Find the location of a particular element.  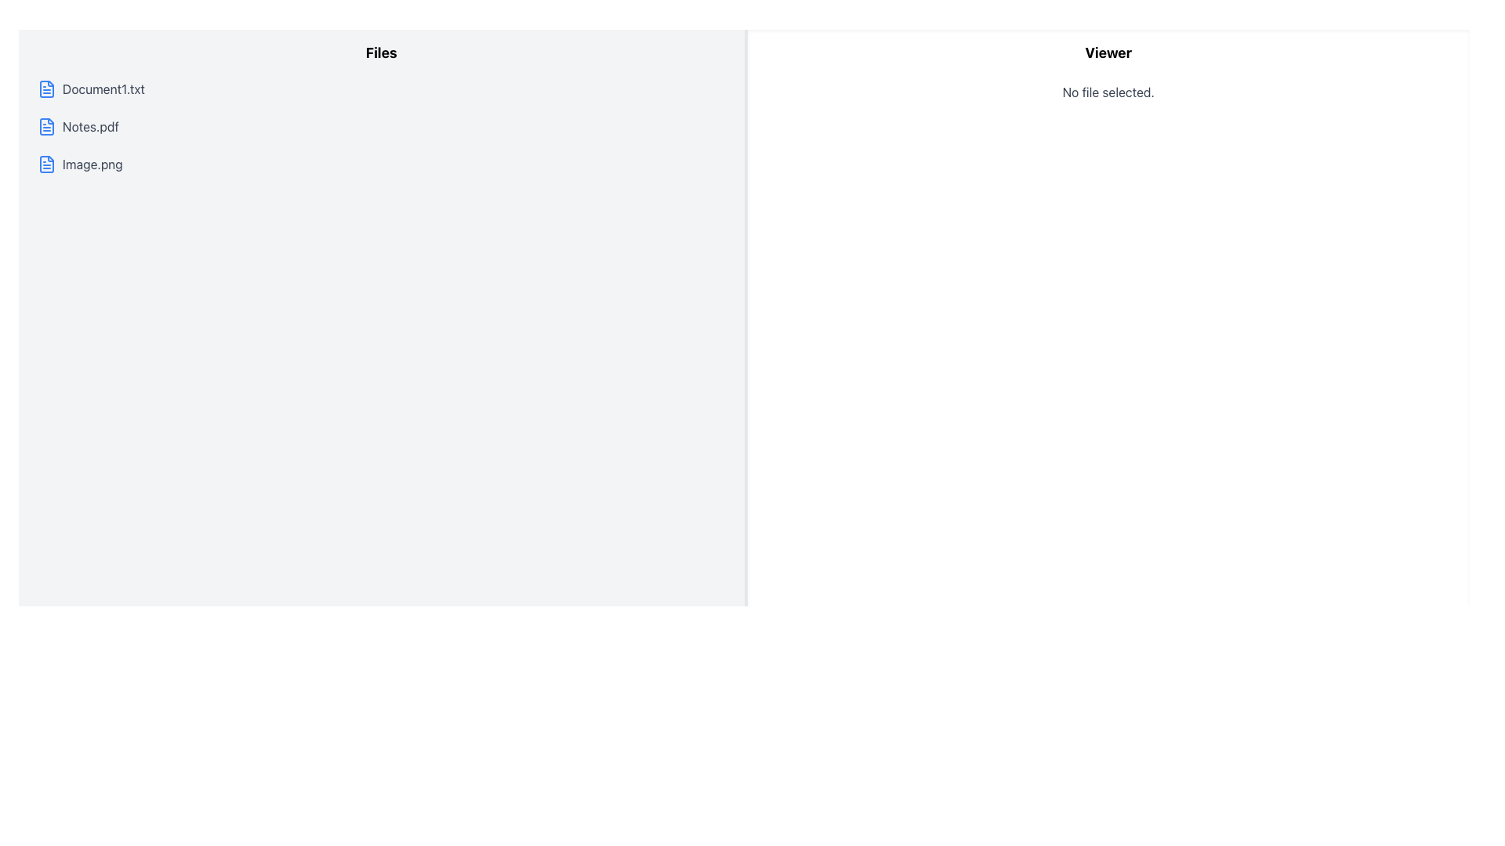

the document-shaped icon located to the left of the text label 'Image.png' in the left list of files is located at coordinates (46, 164).